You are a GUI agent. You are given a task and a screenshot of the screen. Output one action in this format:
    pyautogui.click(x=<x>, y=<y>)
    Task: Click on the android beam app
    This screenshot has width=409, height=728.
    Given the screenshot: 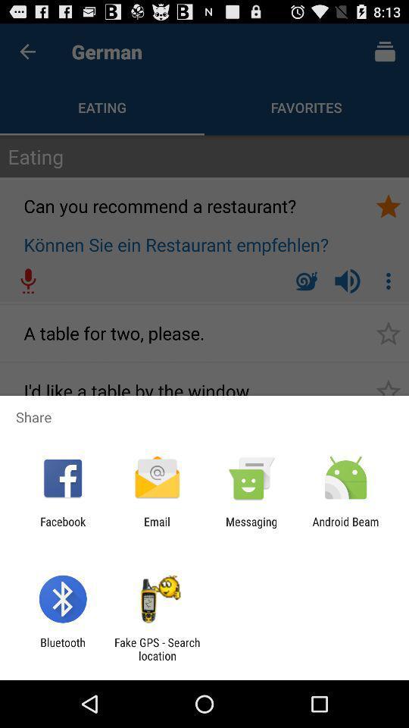 What is the action you would take?
    pyautogui.click(x=345, y=528)
    